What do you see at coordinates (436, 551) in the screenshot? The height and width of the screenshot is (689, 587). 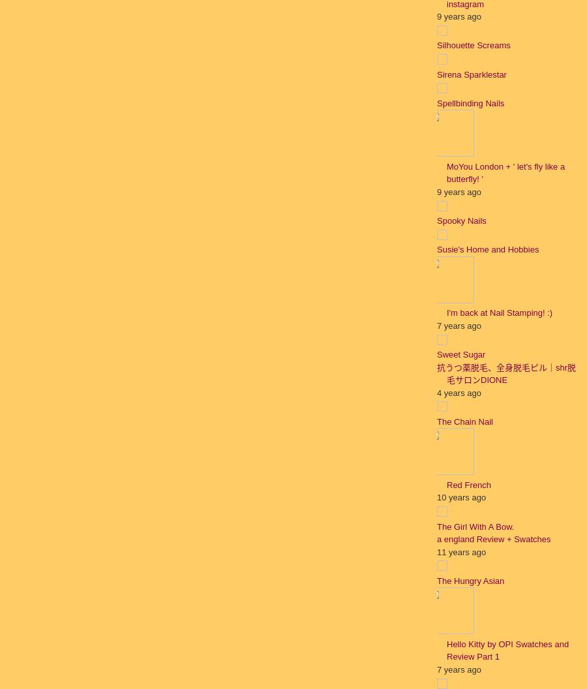 I see `'11 years ago'` at bounding box center [436, 551].